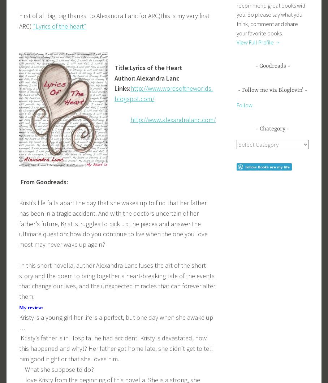  I want to click on 'Kristy is a young girl her life is a perfect, but one day when she awake up …', so click(116, 322).